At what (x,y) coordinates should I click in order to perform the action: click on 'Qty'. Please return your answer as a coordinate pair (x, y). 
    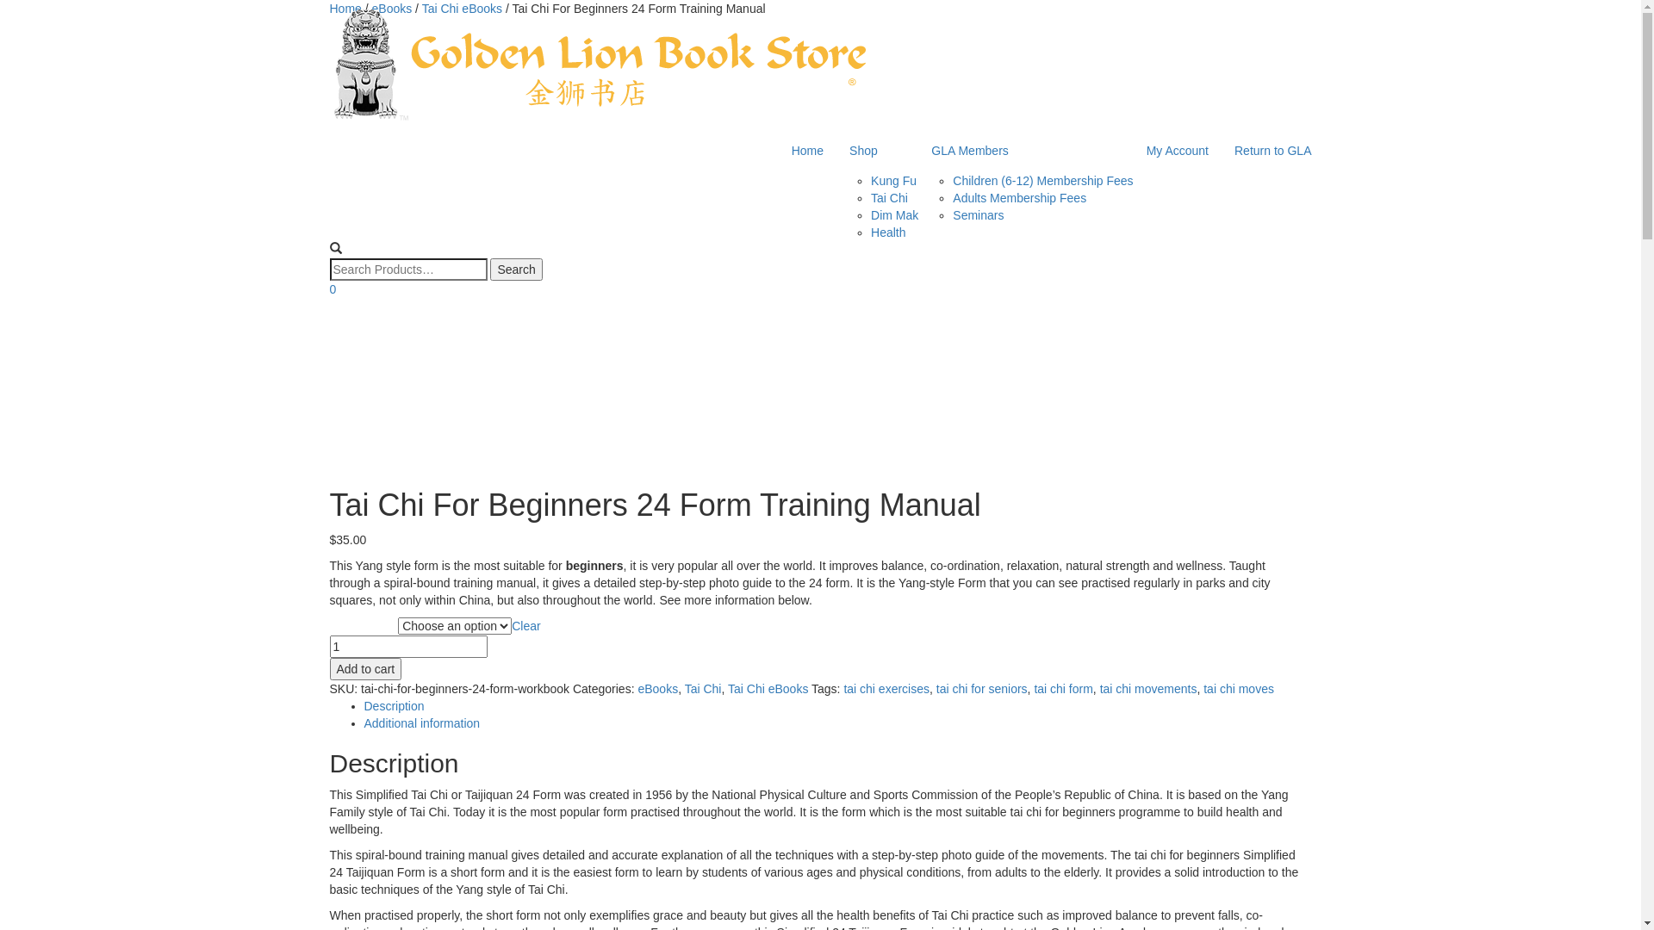
    Looking at the image, I should click on (407, 647).